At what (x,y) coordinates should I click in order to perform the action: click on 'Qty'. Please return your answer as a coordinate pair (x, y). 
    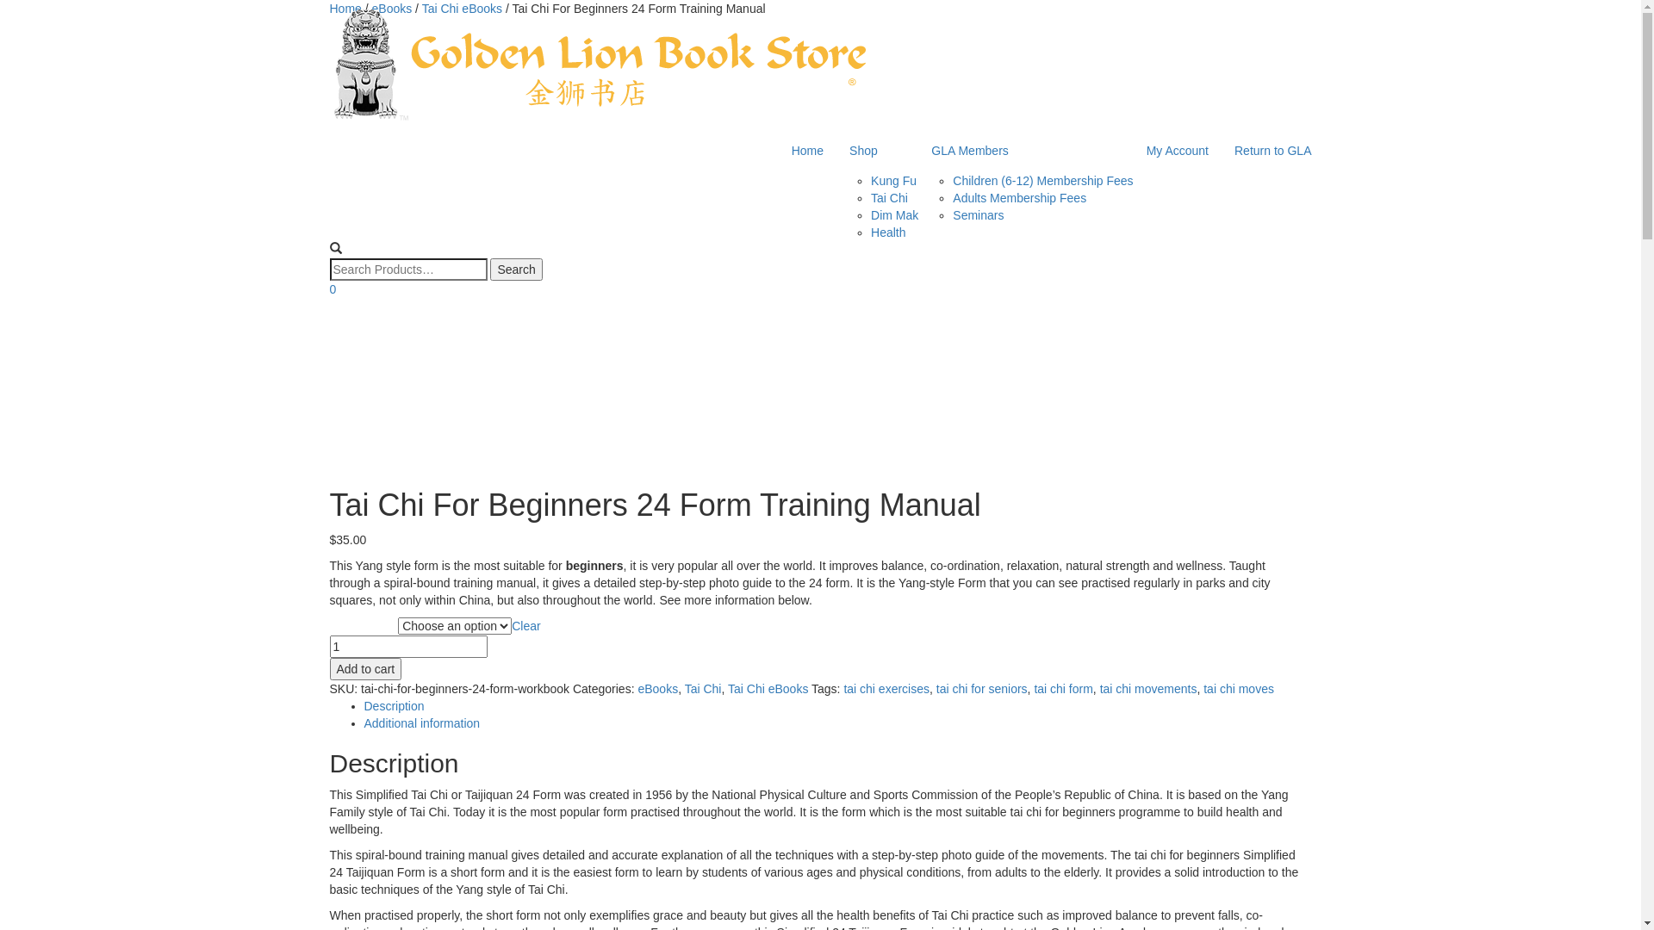
    Looking at the image, I should click on (407, 647).